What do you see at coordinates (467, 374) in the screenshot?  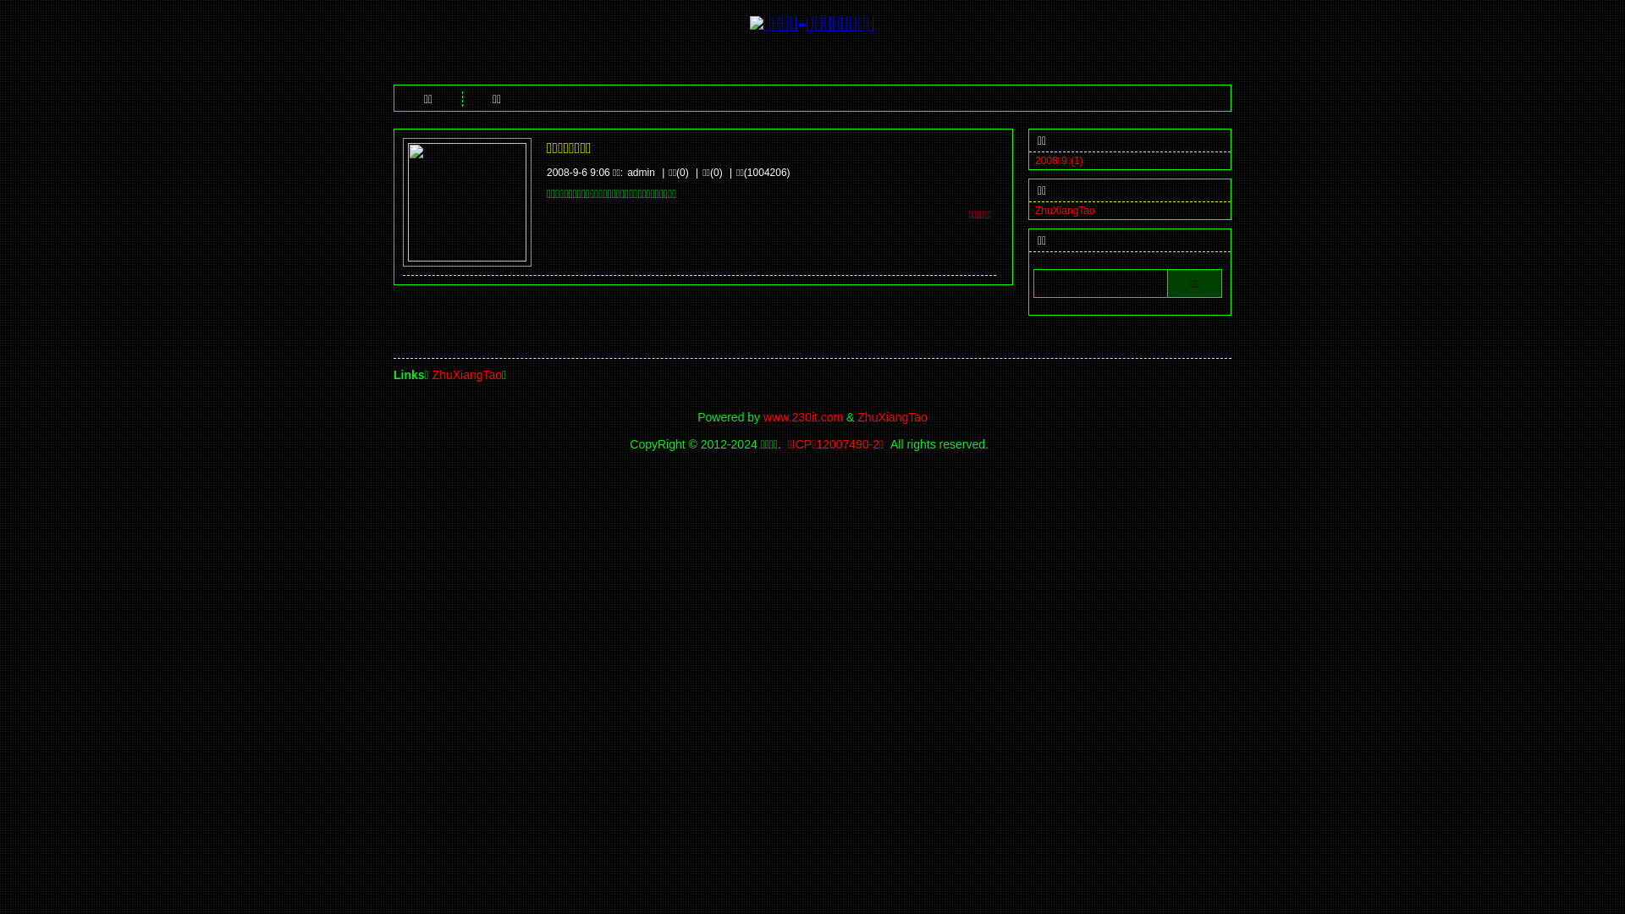 I see `'ZhuXiangTao'` at bounding box center [467, 374].